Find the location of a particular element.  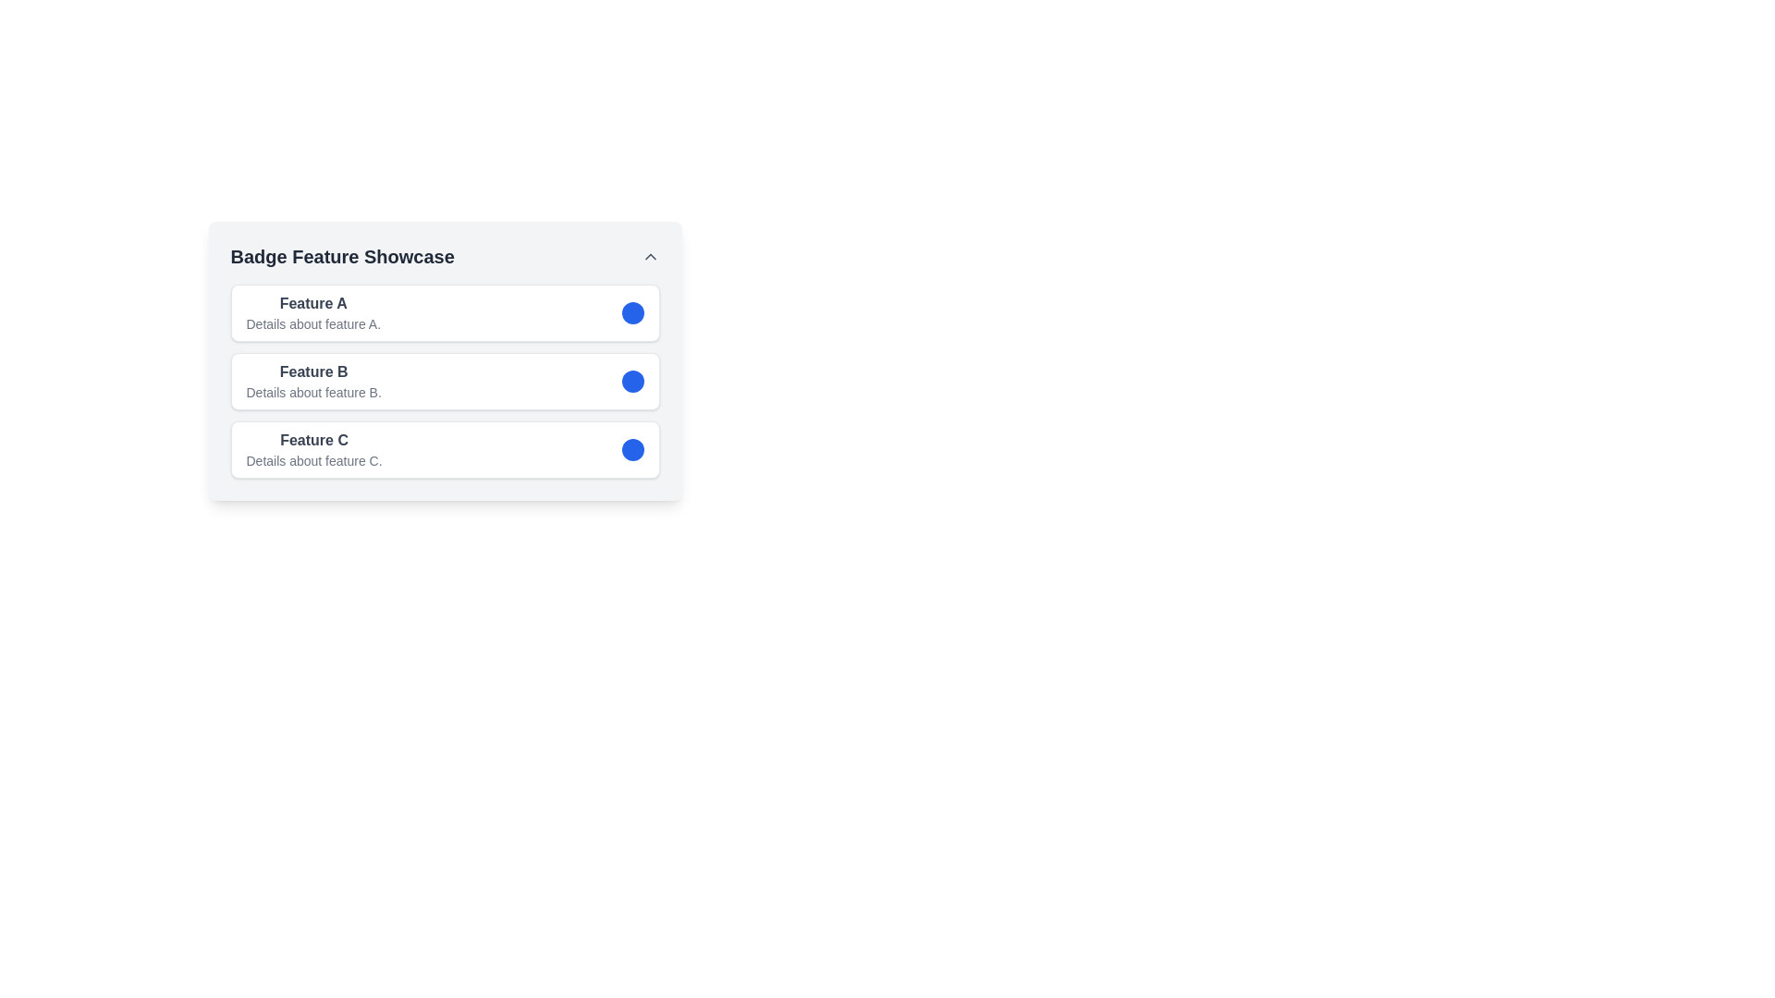

text content of the bold, medium-sized label displaying 'Feature A' located at the top section of the feature list, above the details about feature A is located at coordinates (313, 302).